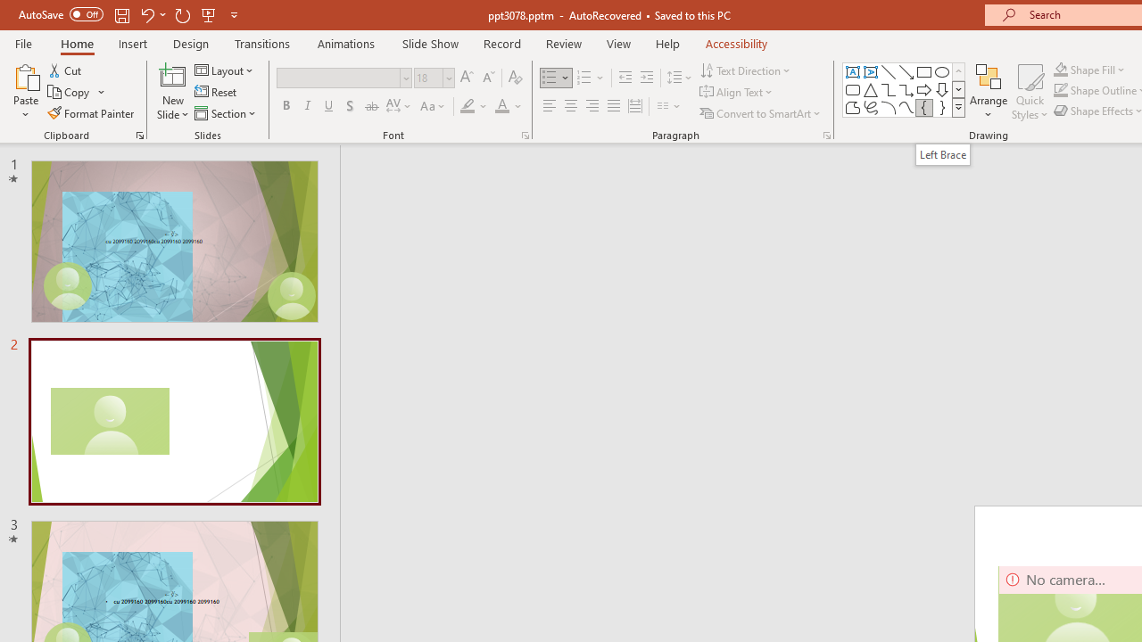 The image size is (1142, 642). What do you see at coordinates (906, 89) in the screenshot?
I see `'Connector: Elbow Arrow'` at bounding box center [906, 89].